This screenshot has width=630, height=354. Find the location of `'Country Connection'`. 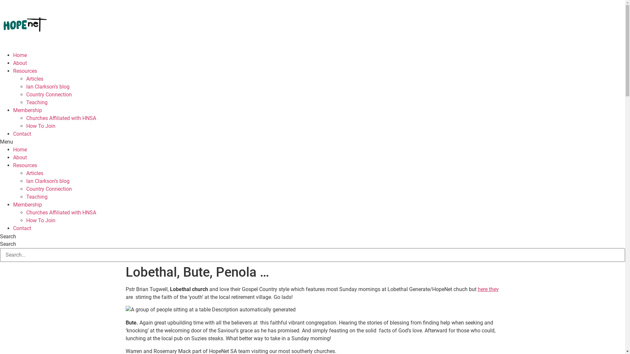

'Country Connection' is located at coordinates (49, 94).